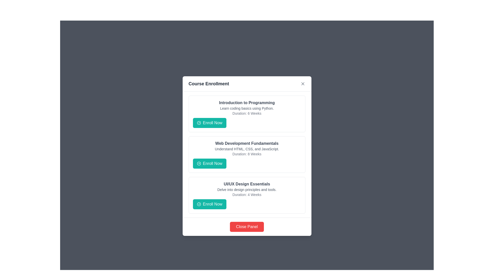 This screenshot has width=483, height=271. Describe the element at coordinates (247, 154) in the screenshot. I see `the Text Label that indicates the length of the course duration for the second course card in the modal, positioned above the 'Enroll Now' button` at that location.